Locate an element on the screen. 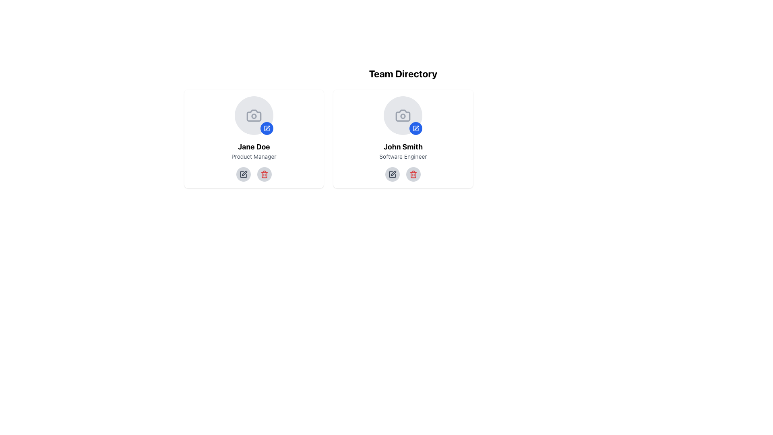  the small circular SVG element representing the camera lens in the left profile card for 'Jane Doe' is located at coordinates (253, 116).